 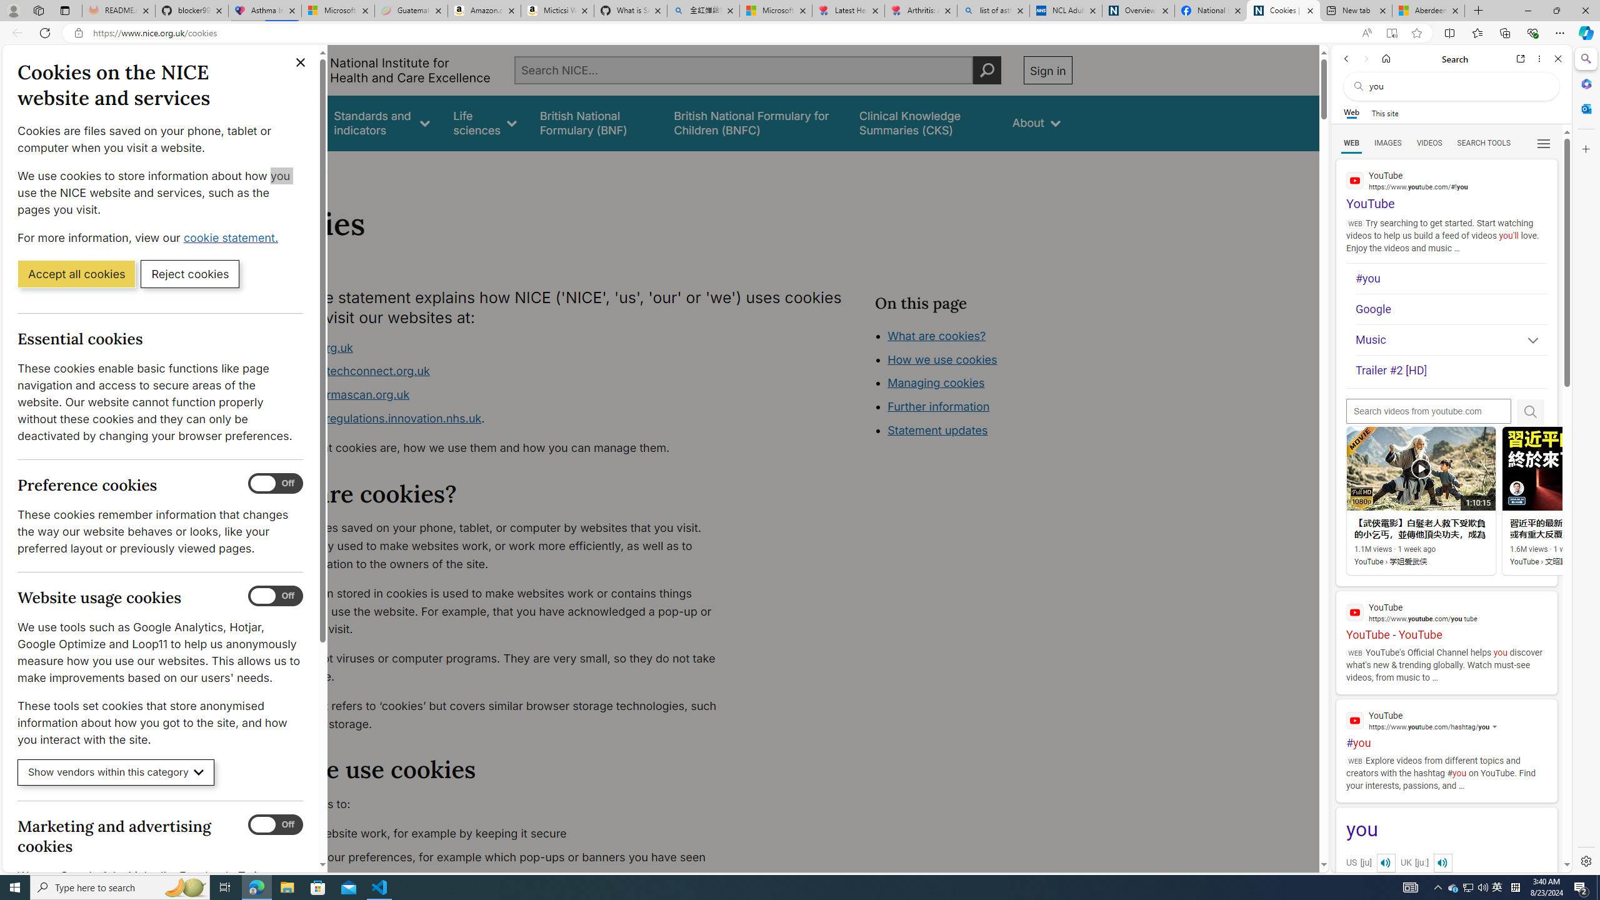 What do you see at coordinates (1391, 33) in the screenshot?
I see `'Enter Immersive Reader (F9)'` at bounding box center [1391, 33].